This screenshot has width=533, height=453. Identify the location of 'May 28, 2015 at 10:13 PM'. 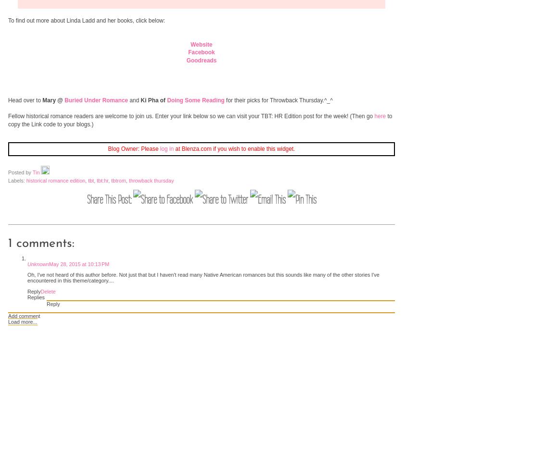
(49, 264).